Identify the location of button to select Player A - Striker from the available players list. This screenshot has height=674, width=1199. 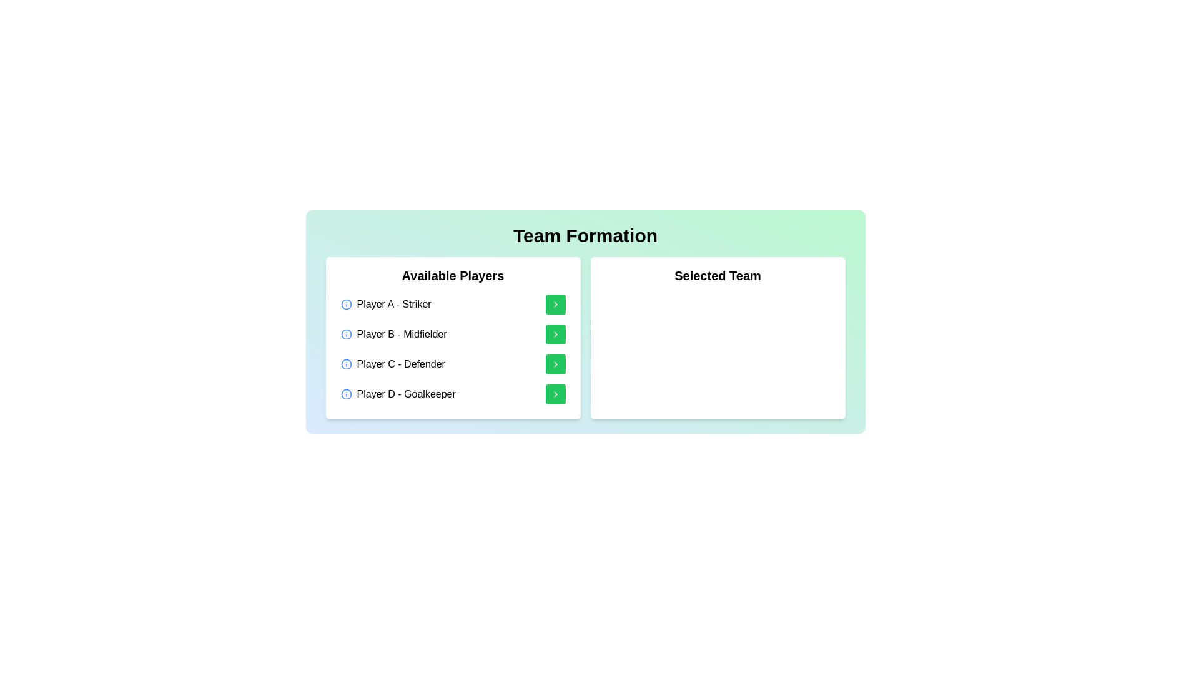
(555, 305).